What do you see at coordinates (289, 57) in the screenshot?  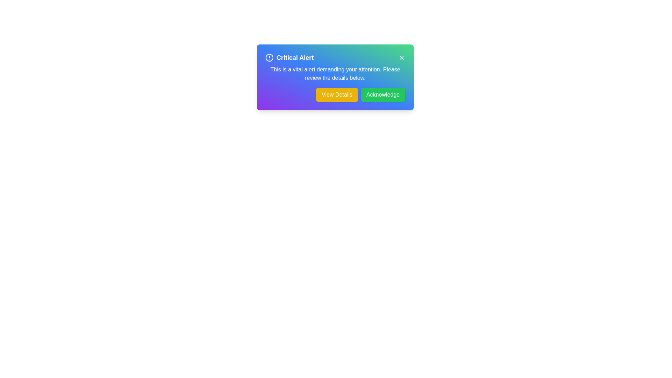 I see `the Text with an icon header in the notification box` at bounding box center [289, 57].